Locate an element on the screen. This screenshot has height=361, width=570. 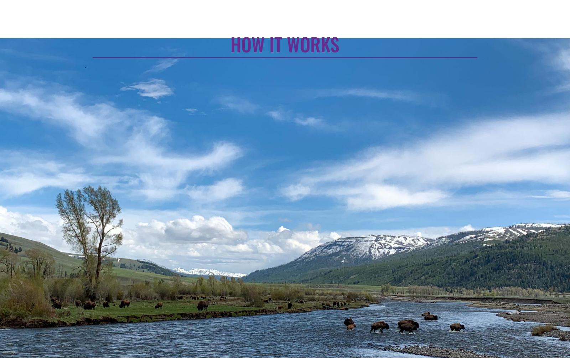
'Reservations' is located at coordinates (144, 113).